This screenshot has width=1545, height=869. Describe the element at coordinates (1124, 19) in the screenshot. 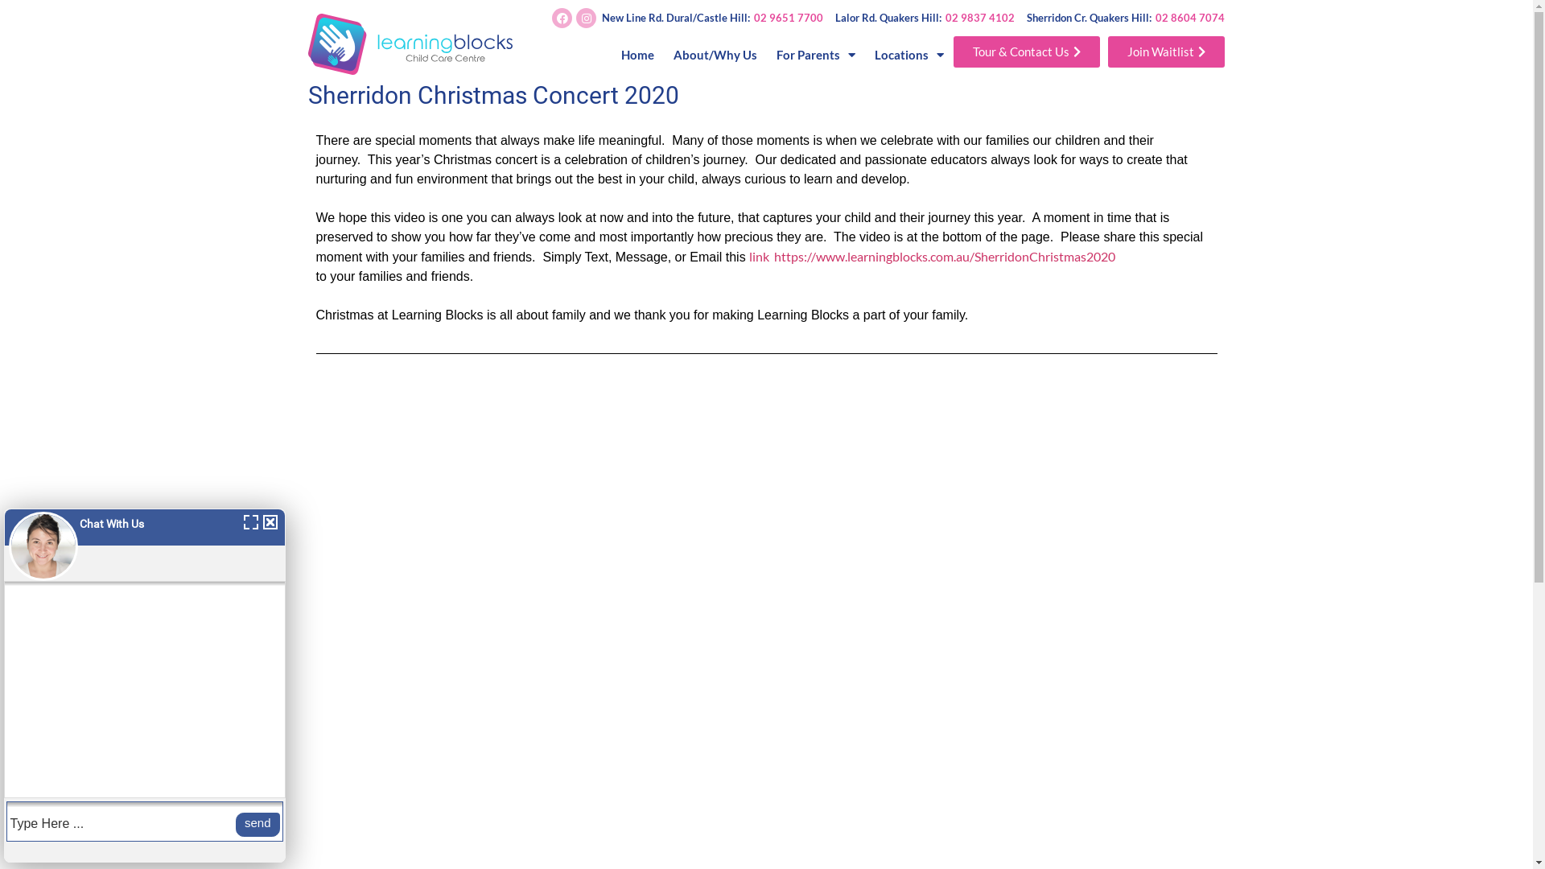

I see `'Sherridon Cr. Quakers Hill:` at that location.